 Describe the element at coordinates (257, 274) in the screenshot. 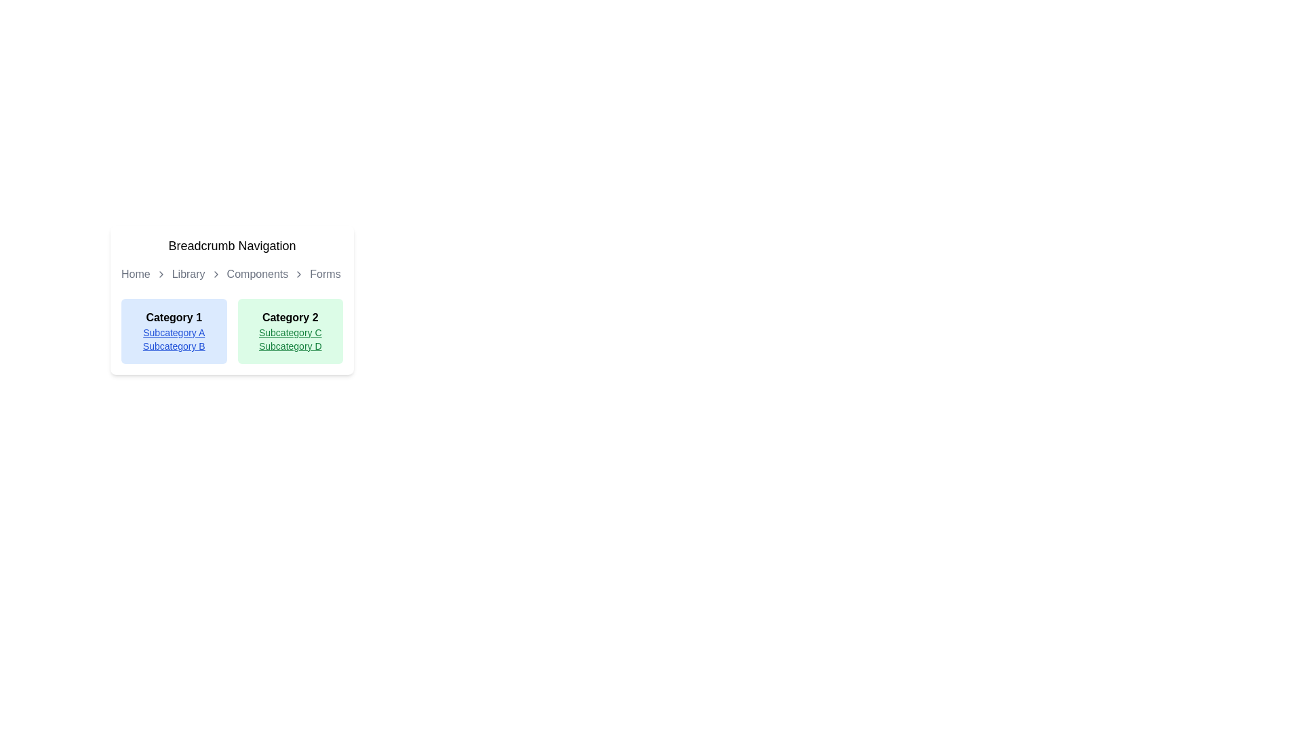

I see `the interactive link in the breadcrumb navigation system` at that location.